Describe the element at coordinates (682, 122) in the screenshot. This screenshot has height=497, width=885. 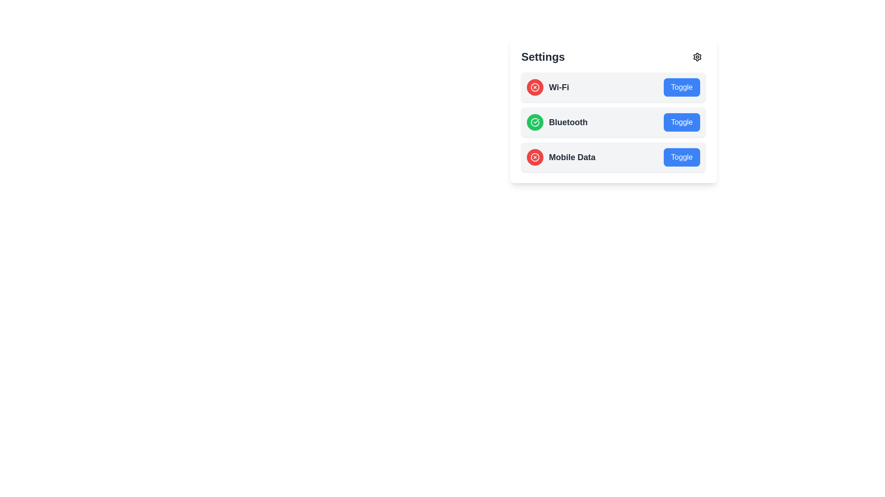
I see `toggle button for the item named Bluetooth` at that location.